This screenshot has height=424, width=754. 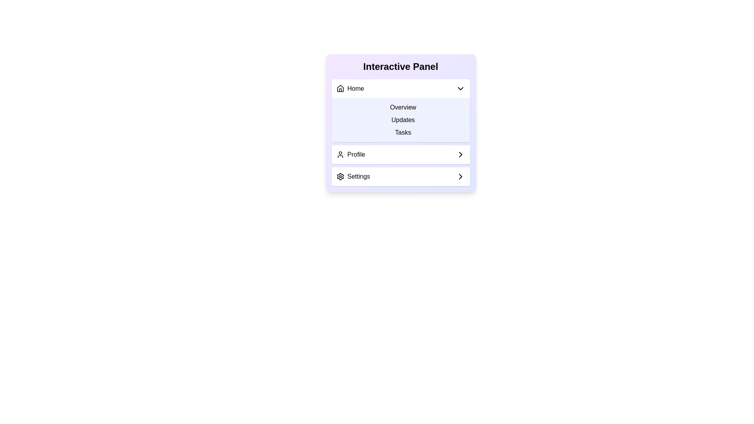 I want to click on the settings icon located at the bottom of the interactive panel, adjacent to the 'Settings' option text, so click(x=340, y=177).